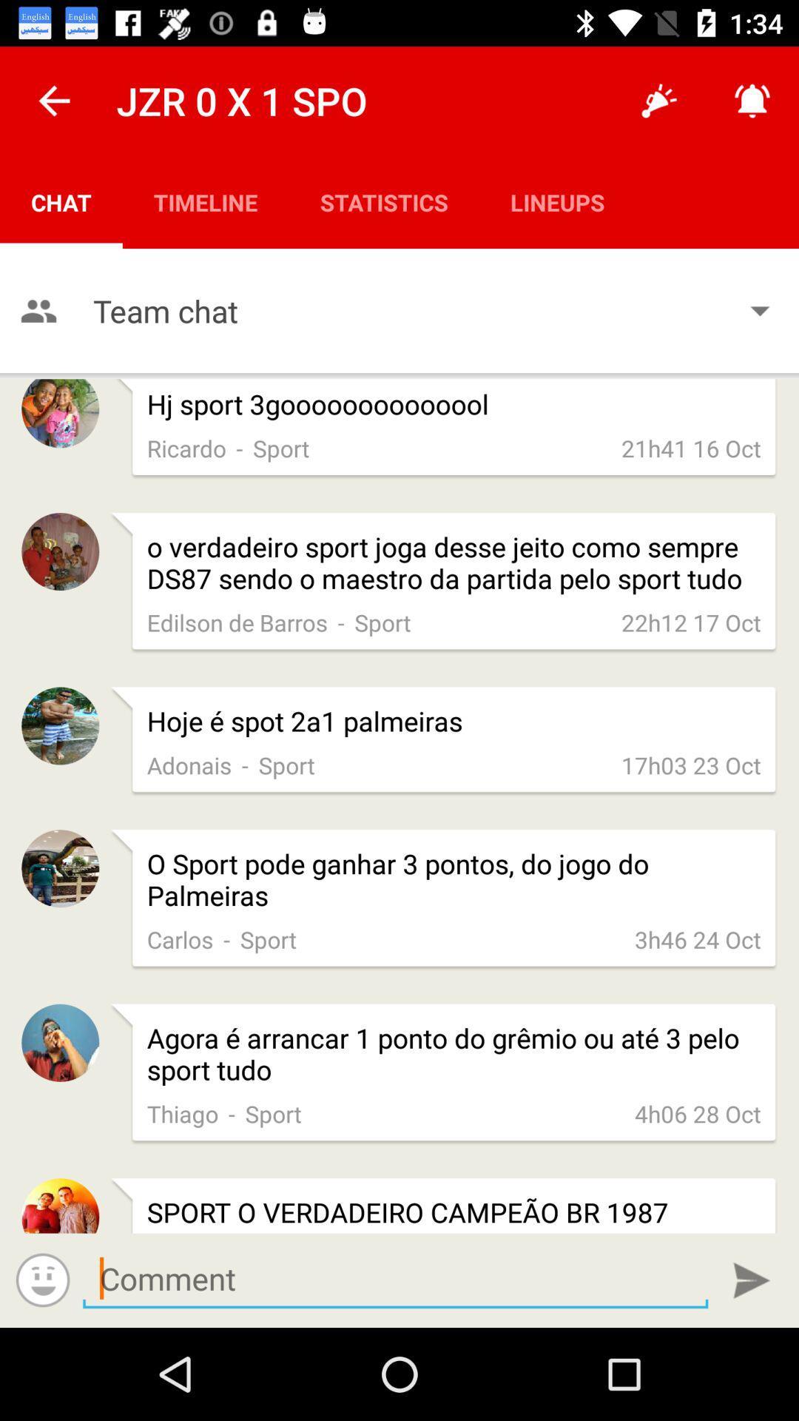  Describe the element at coordinates (752, 1280) in the screenshot. I see `comment` at that location.